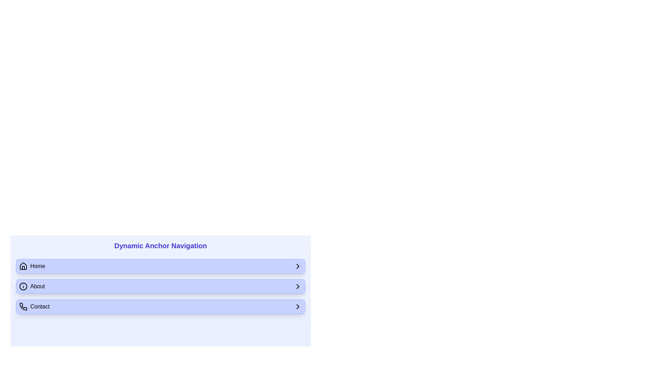 This screenshot has width=669, height=376. What do you see at coordinates (23, 266) in the screenshot?
I see `the house-shaped icon with a line-art design, located to the immediate left of the 'Home' text label in the Dynamic Anchor Navigation interface` at bounding box center [23, 266].